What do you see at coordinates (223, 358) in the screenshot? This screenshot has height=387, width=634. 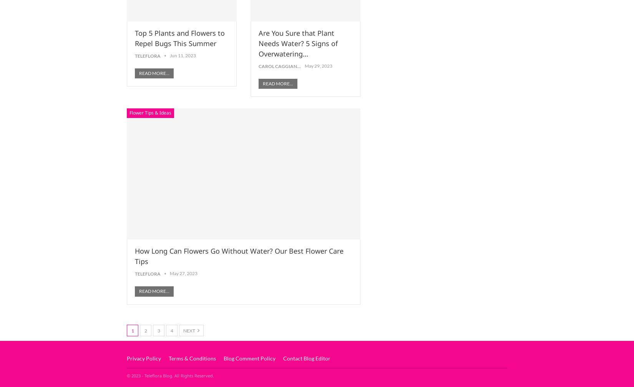 I see `'Blog Comment Policy'` at bounding box center [223, 358].